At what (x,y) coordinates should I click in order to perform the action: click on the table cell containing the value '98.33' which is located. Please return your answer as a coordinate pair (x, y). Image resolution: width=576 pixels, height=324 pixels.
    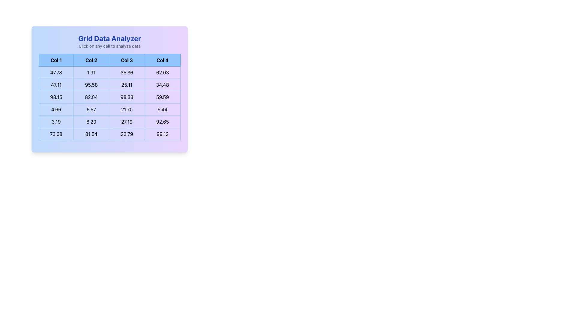
    Looking at the image, I should click on (126, 97).